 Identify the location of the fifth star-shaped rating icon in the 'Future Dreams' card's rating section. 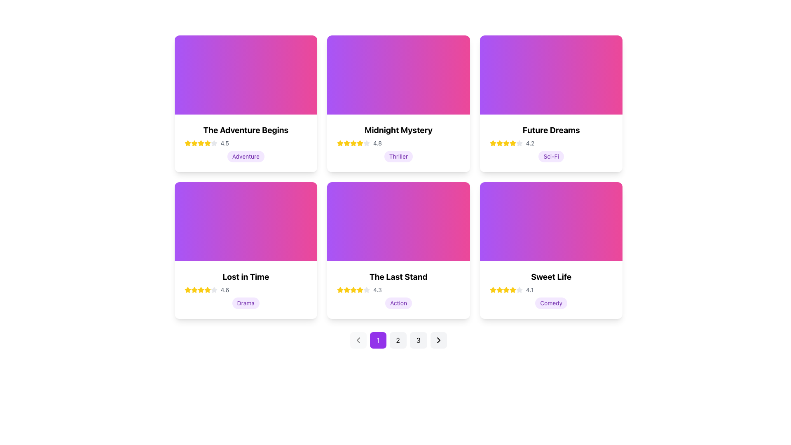
(519, 143).